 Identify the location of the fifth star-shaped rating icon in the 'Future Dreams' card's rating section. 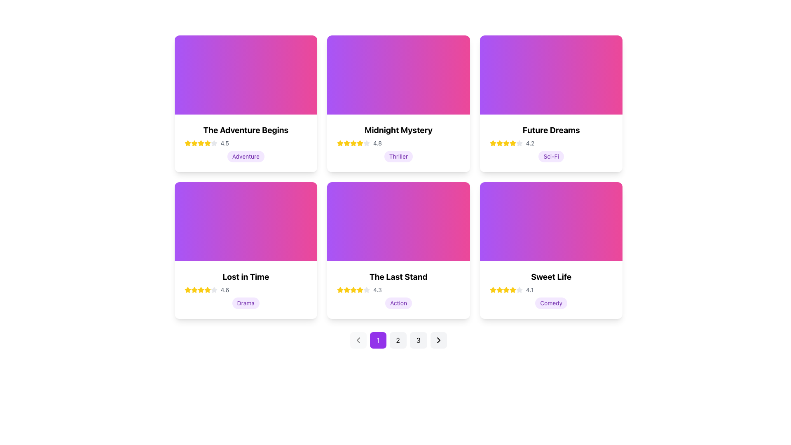
(519, 143).